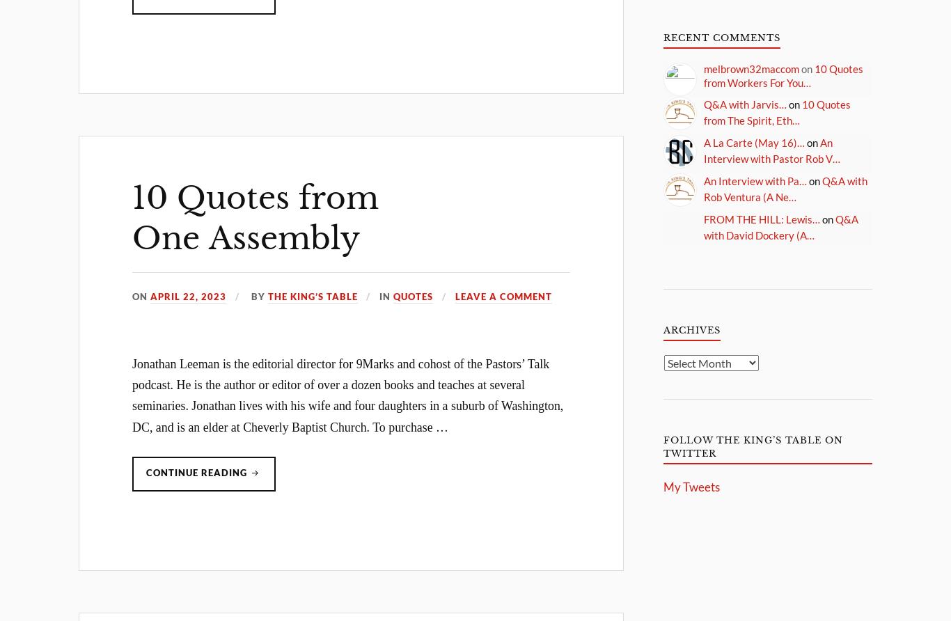 Image resolution: width=951 pixels, height=621 pixels. Describe the element at coordinates (198, 472) in the screenshot. I see `'Continue reading'` at that location.